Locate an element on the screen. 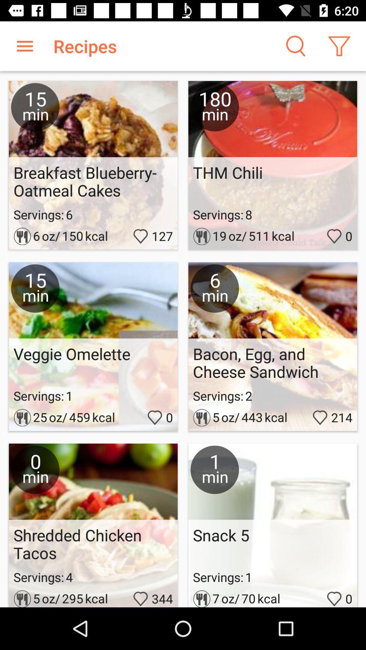 The image size is (366, 650). filter options is located at coordinates (339, 46).